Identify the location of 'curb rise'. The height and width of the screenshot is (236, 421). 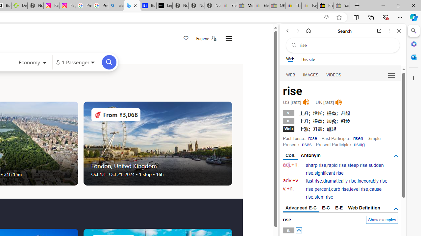
(340, 189).